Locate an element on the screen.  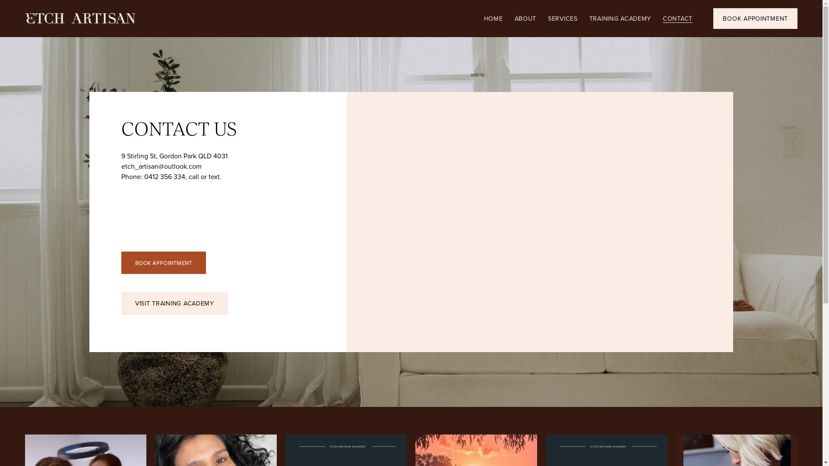
'HOME' is located at coordinates (493, 18).